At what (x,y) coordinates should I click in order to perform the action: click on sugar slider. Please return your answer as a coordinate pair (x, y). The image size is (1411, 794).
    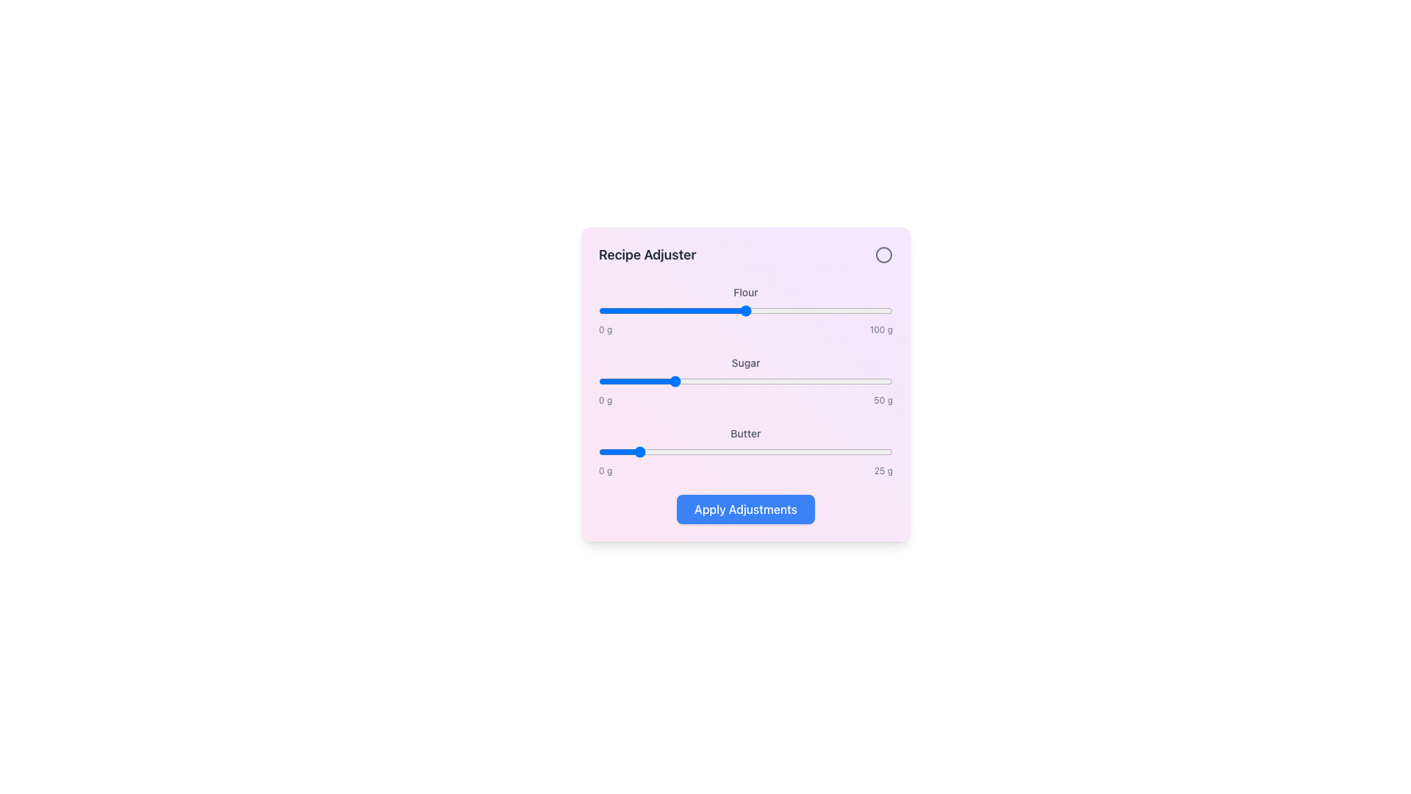
    Looking at the image, I should click on (602, 381).